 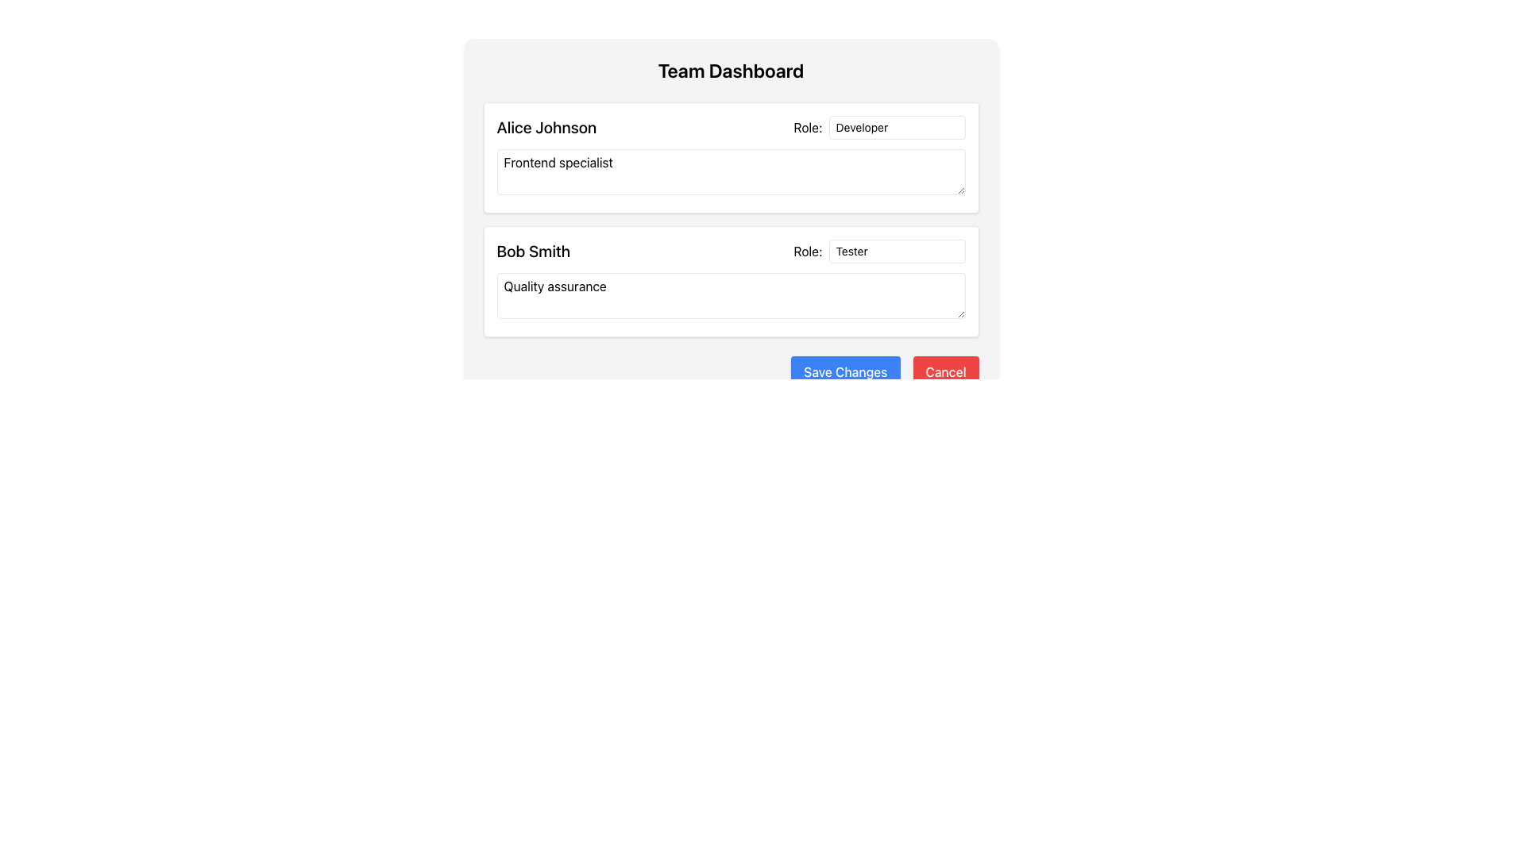 What do you see at coordinates (808, 250) in the screenshot?
I see `the associated field` at bounding box center [808, 250].